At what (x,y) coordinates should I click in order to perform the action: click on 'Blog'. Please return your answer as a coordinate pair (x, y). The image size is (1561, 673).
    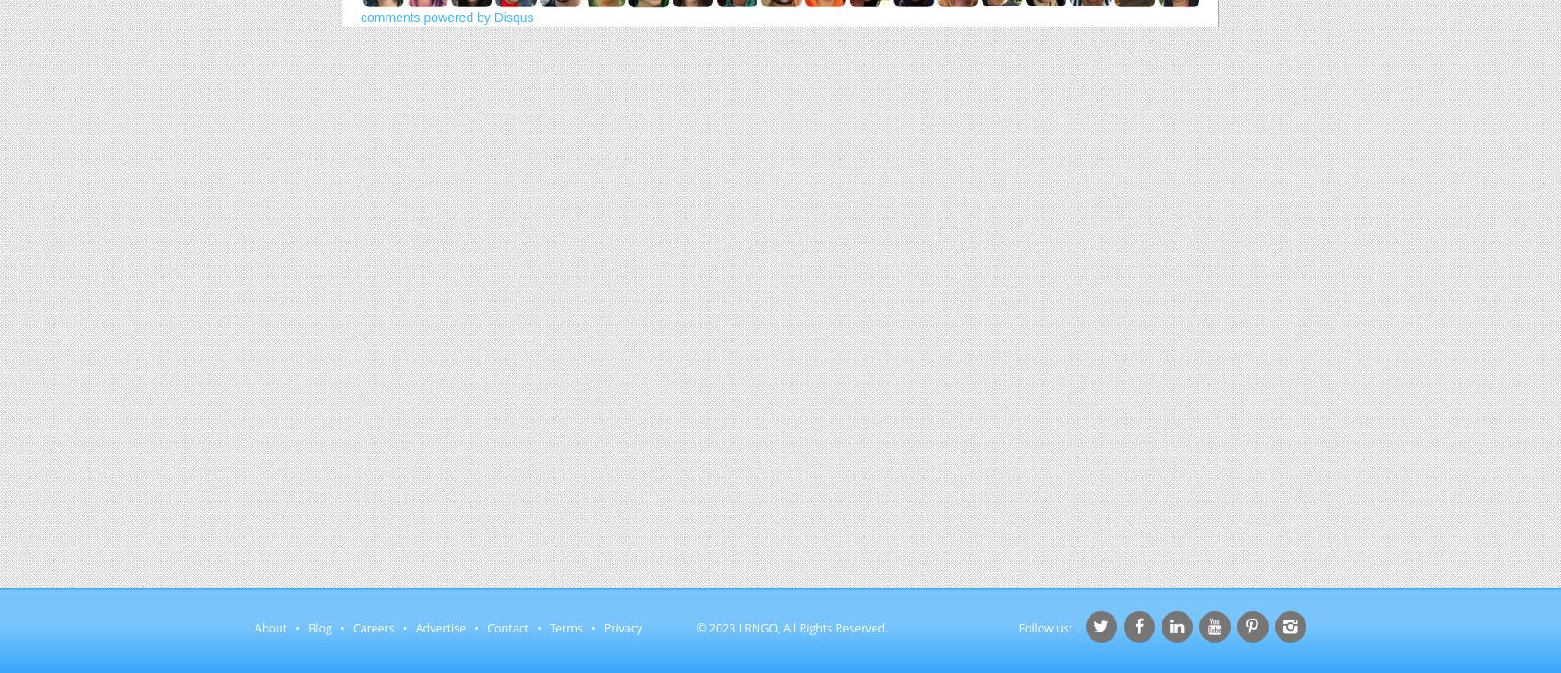
    Looking at the image, I should click on (318, 628).